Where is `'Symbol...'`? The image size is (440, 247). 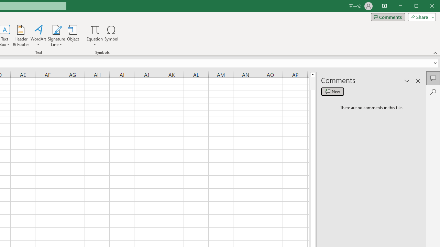
'Symbol...' is located at coordinates (111, 36).